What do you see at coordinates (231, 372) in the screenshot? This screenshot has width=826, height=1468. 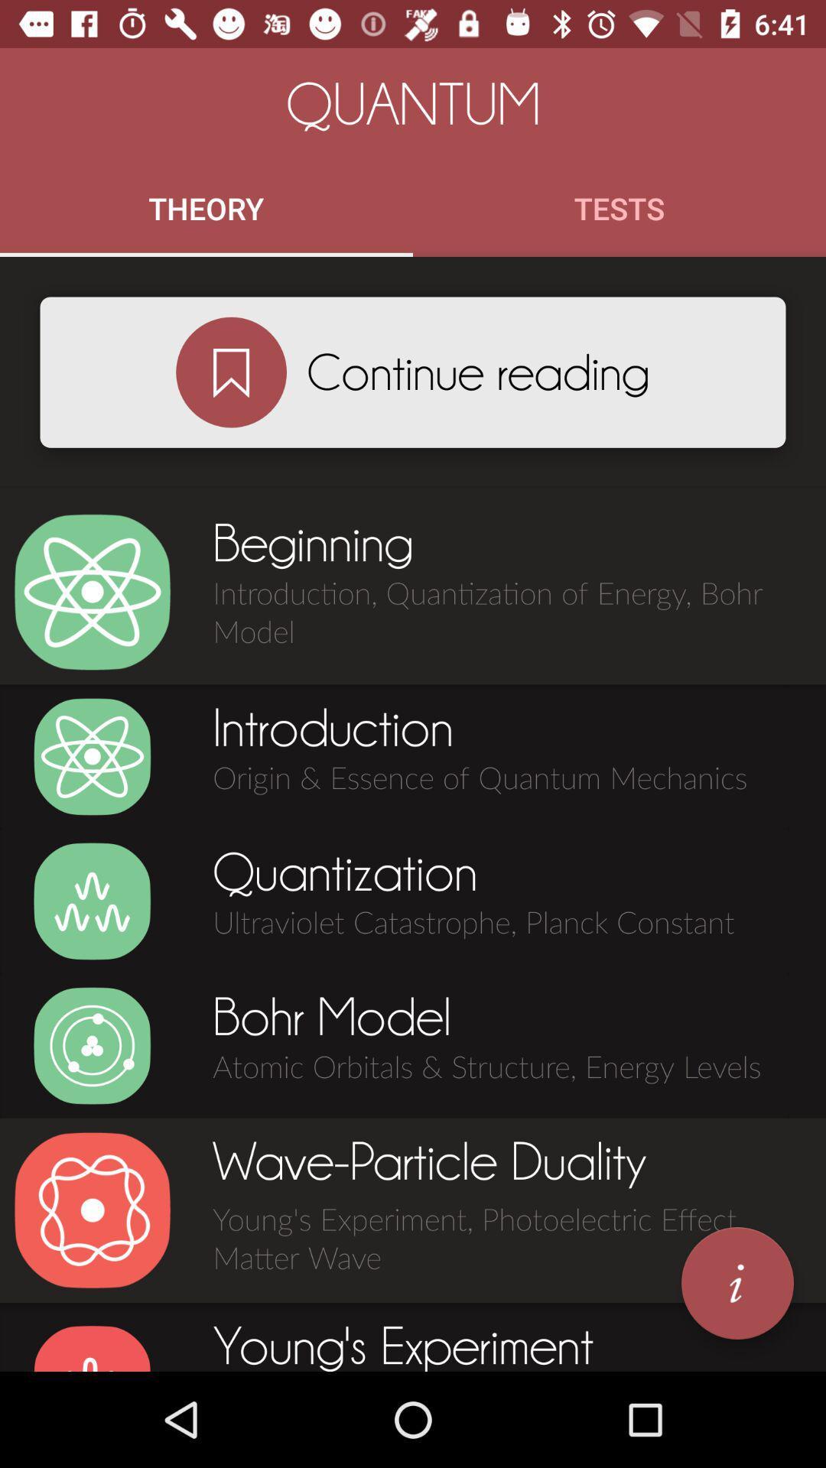 I see `continue reading` at bounding box center [231, 372].